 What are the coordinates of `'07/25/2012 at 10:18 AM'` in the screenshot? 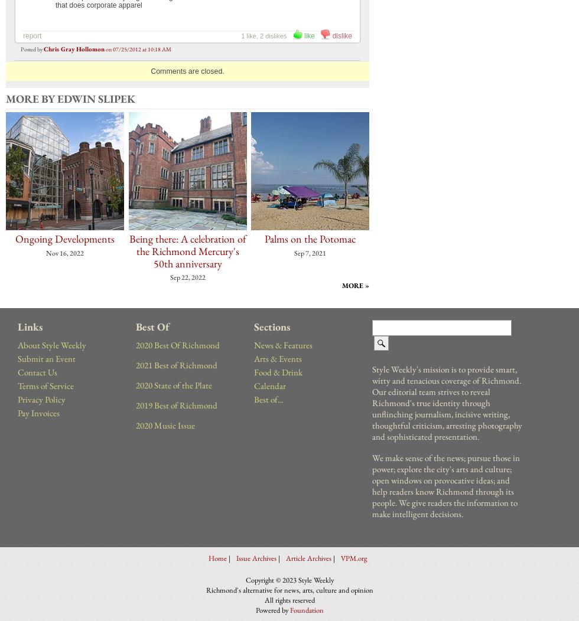 It's located at (142, 48).